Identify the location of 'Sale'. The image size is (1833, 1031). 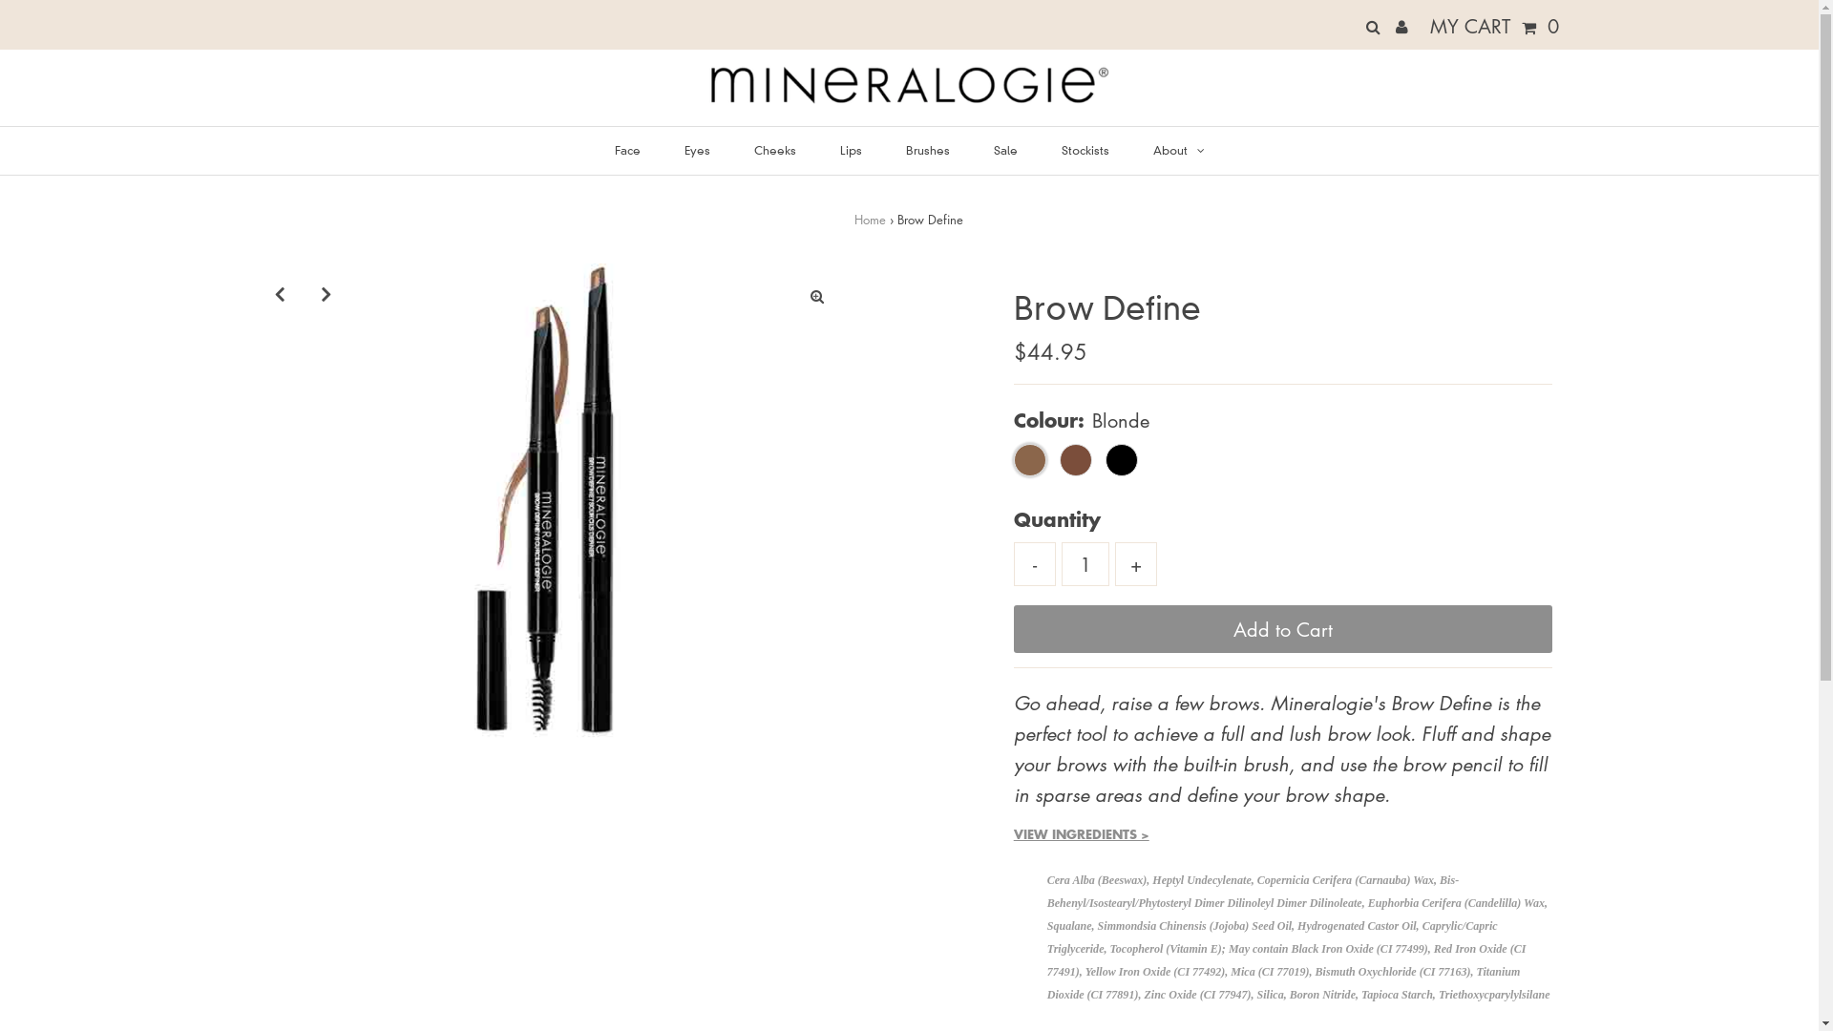
(973, 150).